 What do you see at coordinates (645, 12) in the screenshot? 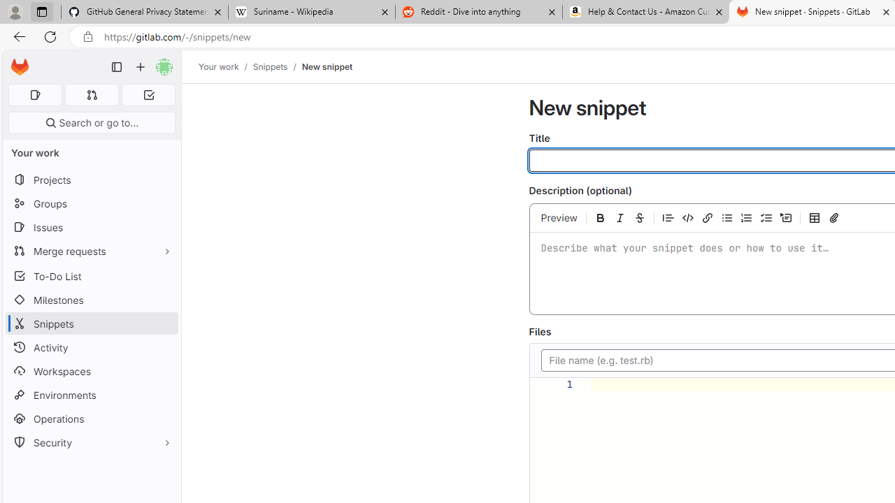
I see `'Help & Contact Us - Amazon Customer Service'` at bounding box center [645, 12].